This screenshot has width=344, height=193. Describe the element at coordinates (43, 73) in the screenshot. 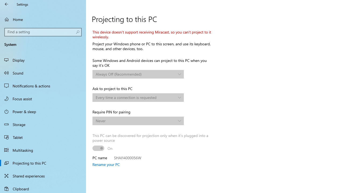

I see `'Sound'` at that location.